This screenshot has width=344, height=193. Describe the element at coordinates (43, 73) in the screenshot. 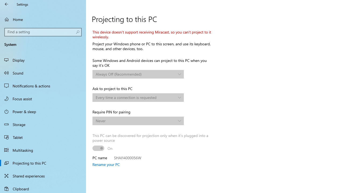

I see `'Sound'` at that location.